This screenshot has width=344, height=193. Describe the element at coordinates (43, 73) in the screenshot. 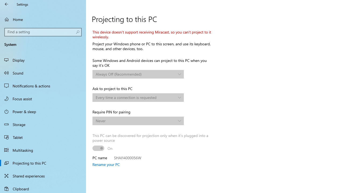

I see `'Sound'` at that location.